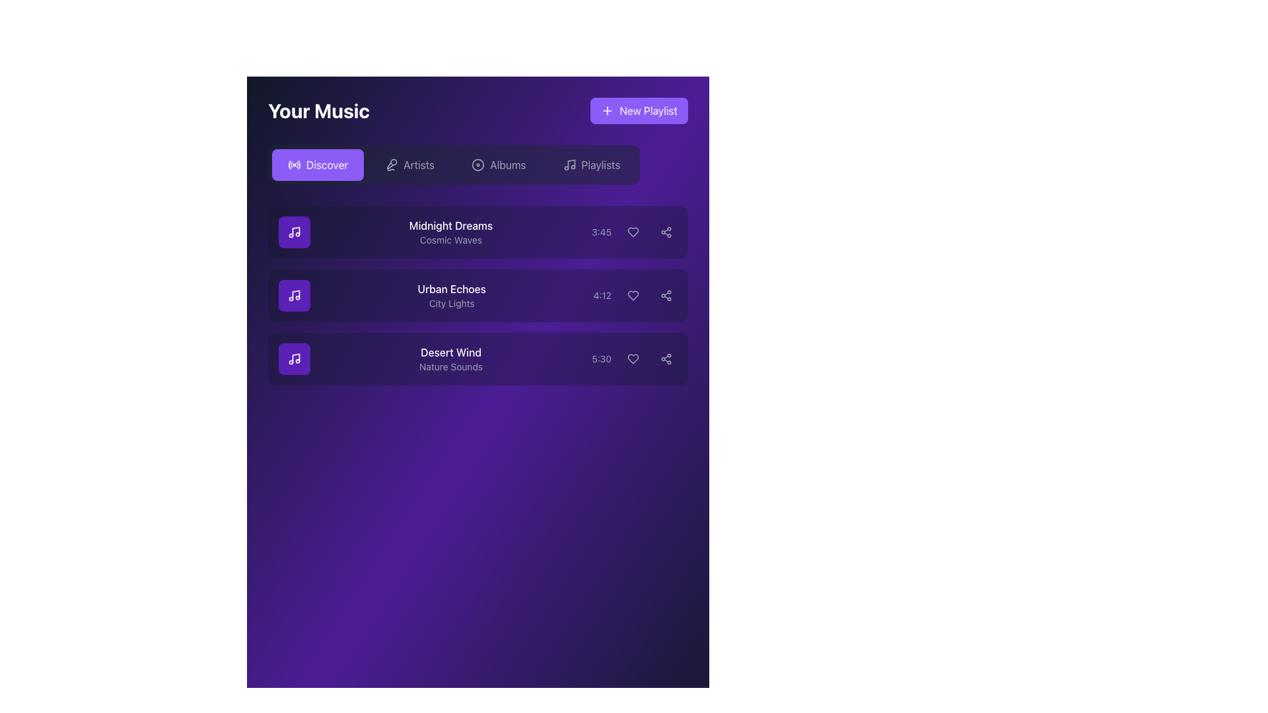 This screenshot has height=713, width=1268. What do you see at coordinates (451, 358) in the screenshot?
I see `to select the third item in the 'Your Music' list, which represents a music track or playlist, positioned between 'Urban Echoes' and another item` at bounding box center [451, 358].